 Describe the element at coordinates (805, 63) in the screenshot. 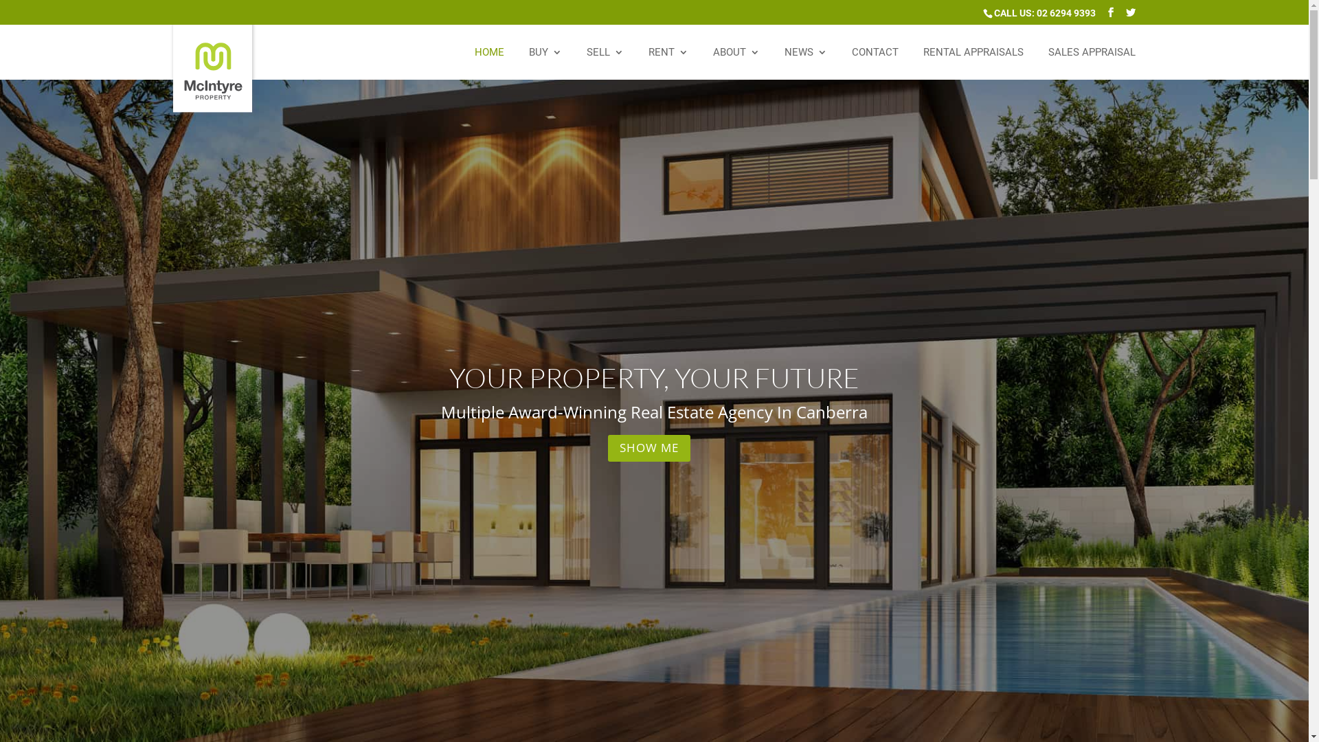

I see `'NEWS'` at that location.